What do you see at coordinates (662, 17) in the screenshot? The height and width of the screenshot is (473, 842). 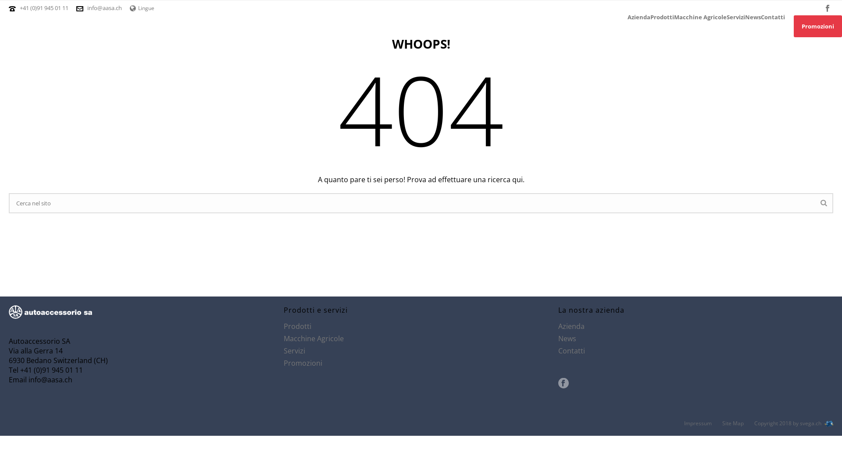 I see `'Prodotti'` at bounding box center [662, 17].